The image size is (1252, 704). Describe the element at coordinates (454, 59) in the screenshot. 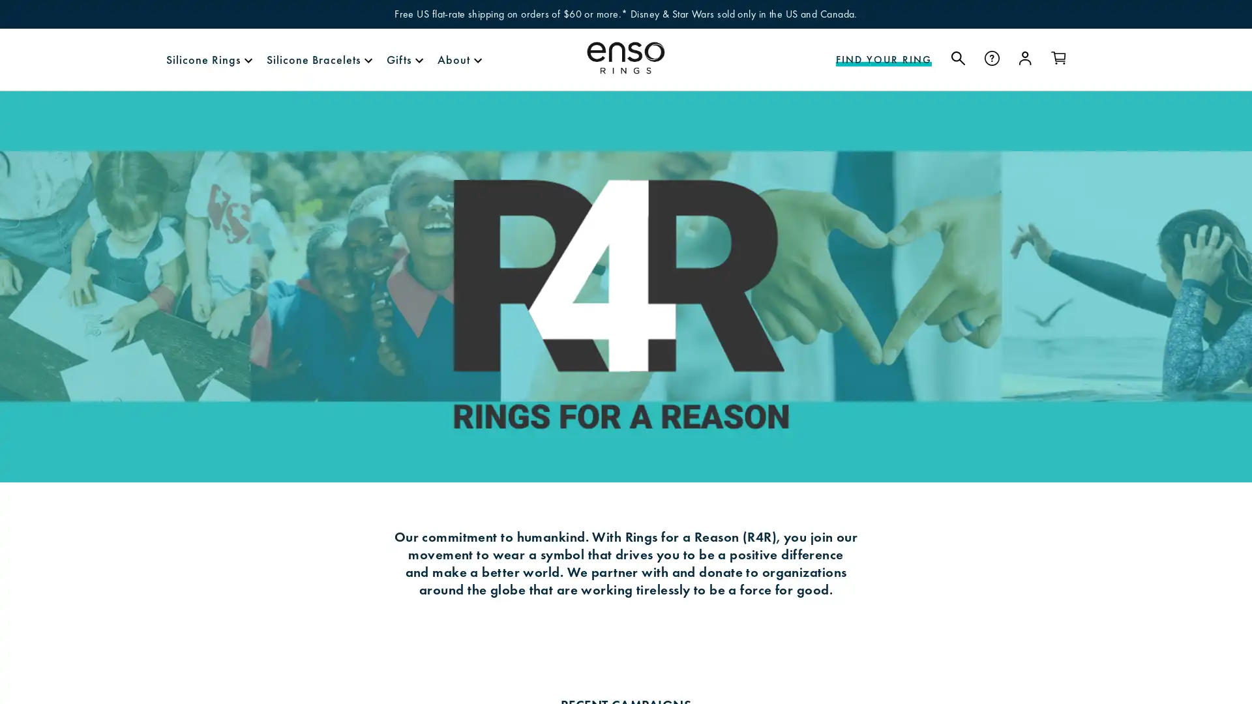

I see `About` at that location.